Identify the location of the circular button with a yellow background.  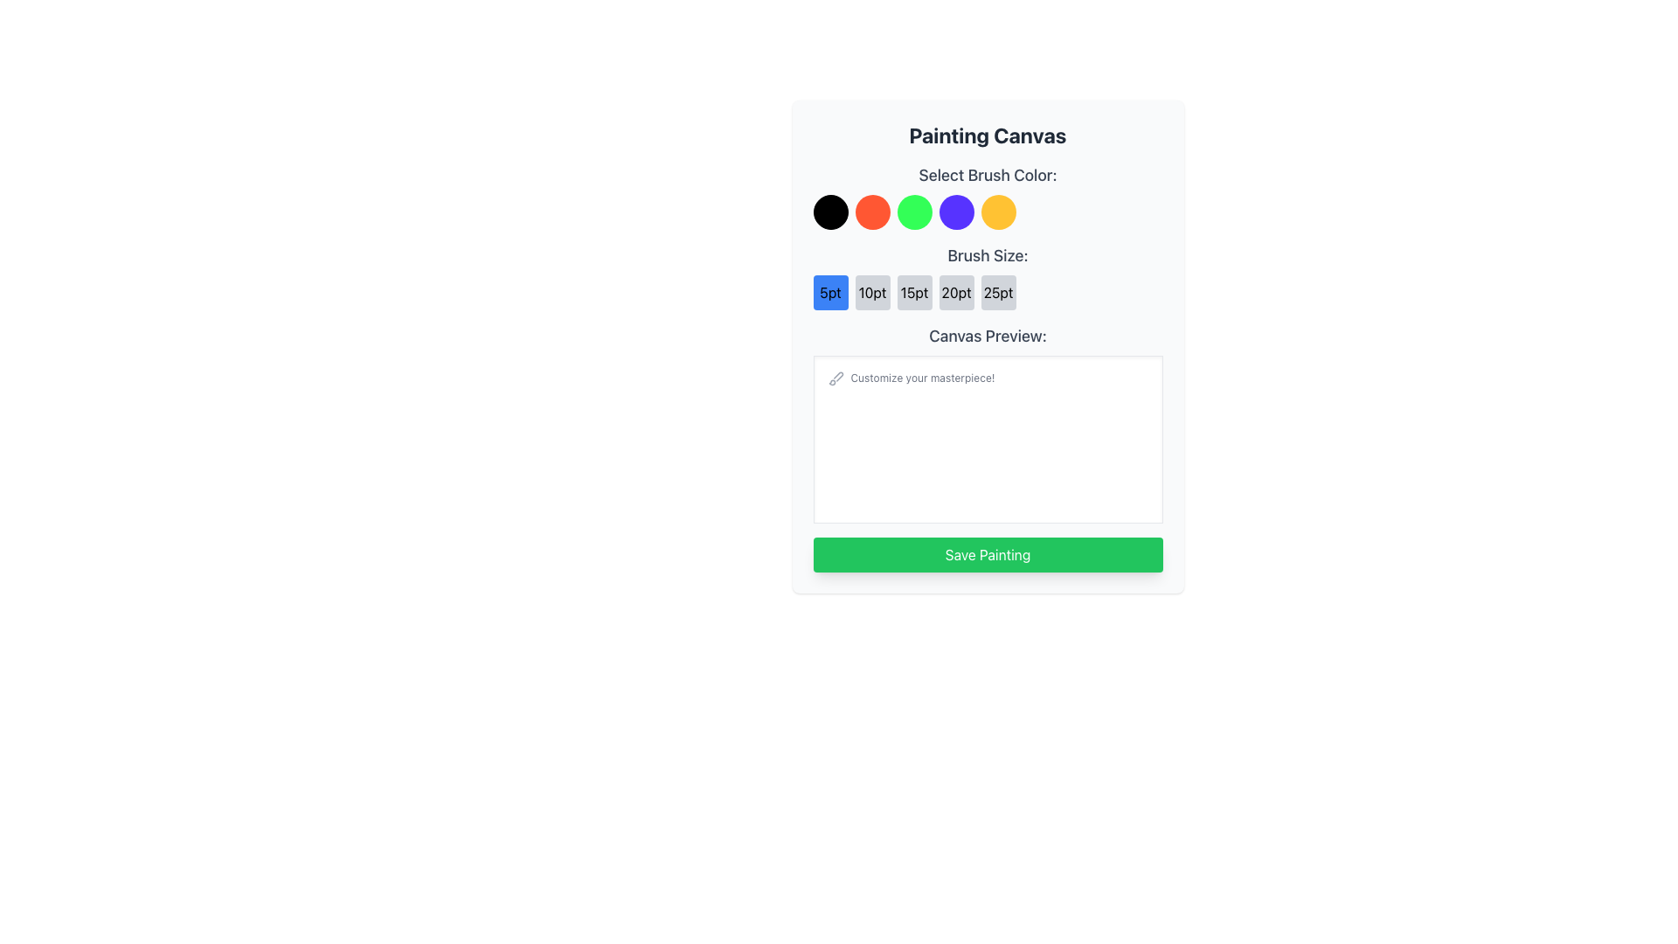
(998, 212).